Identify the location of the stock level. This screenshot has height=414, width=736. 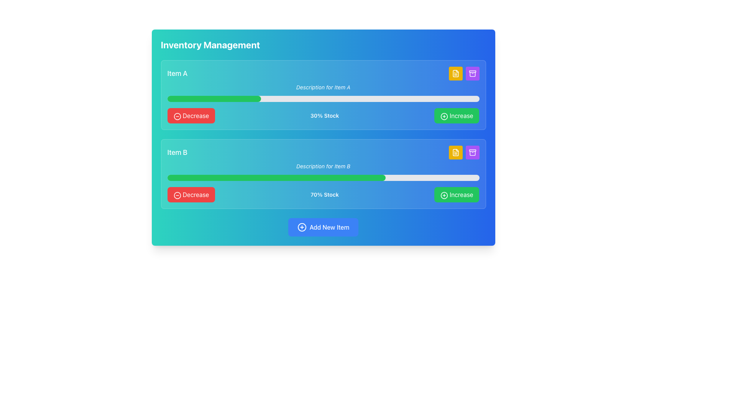
(238, 99).